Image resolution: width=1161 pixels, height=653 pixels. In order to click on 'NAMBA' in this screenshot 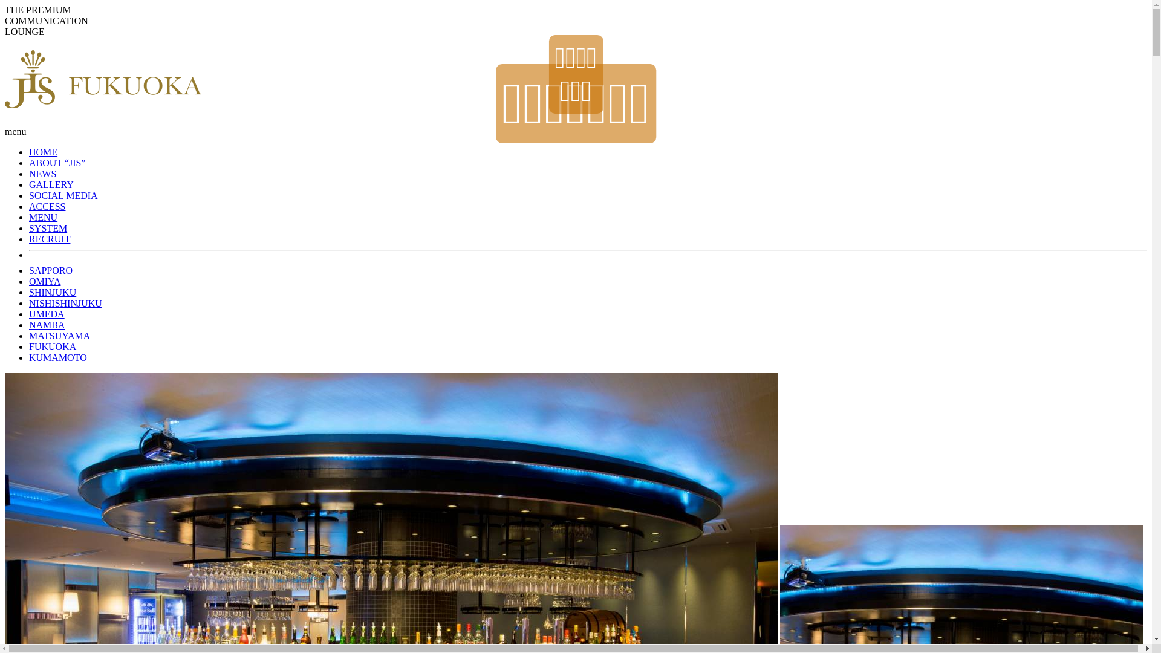, I will do `click(47, 324)`.